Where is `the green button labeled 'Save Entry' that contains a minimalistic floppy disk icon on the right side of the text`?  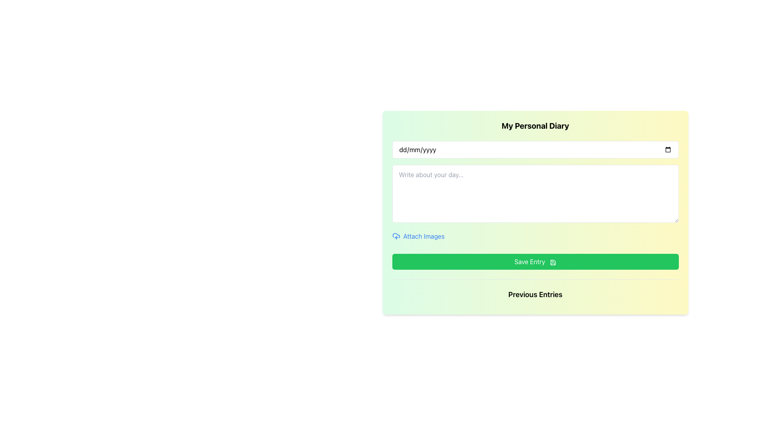 the green button labeled 'Save Entry' that contains a minimalistic floppy disk icon on the right side of the text is located at coordinates (553, 262).